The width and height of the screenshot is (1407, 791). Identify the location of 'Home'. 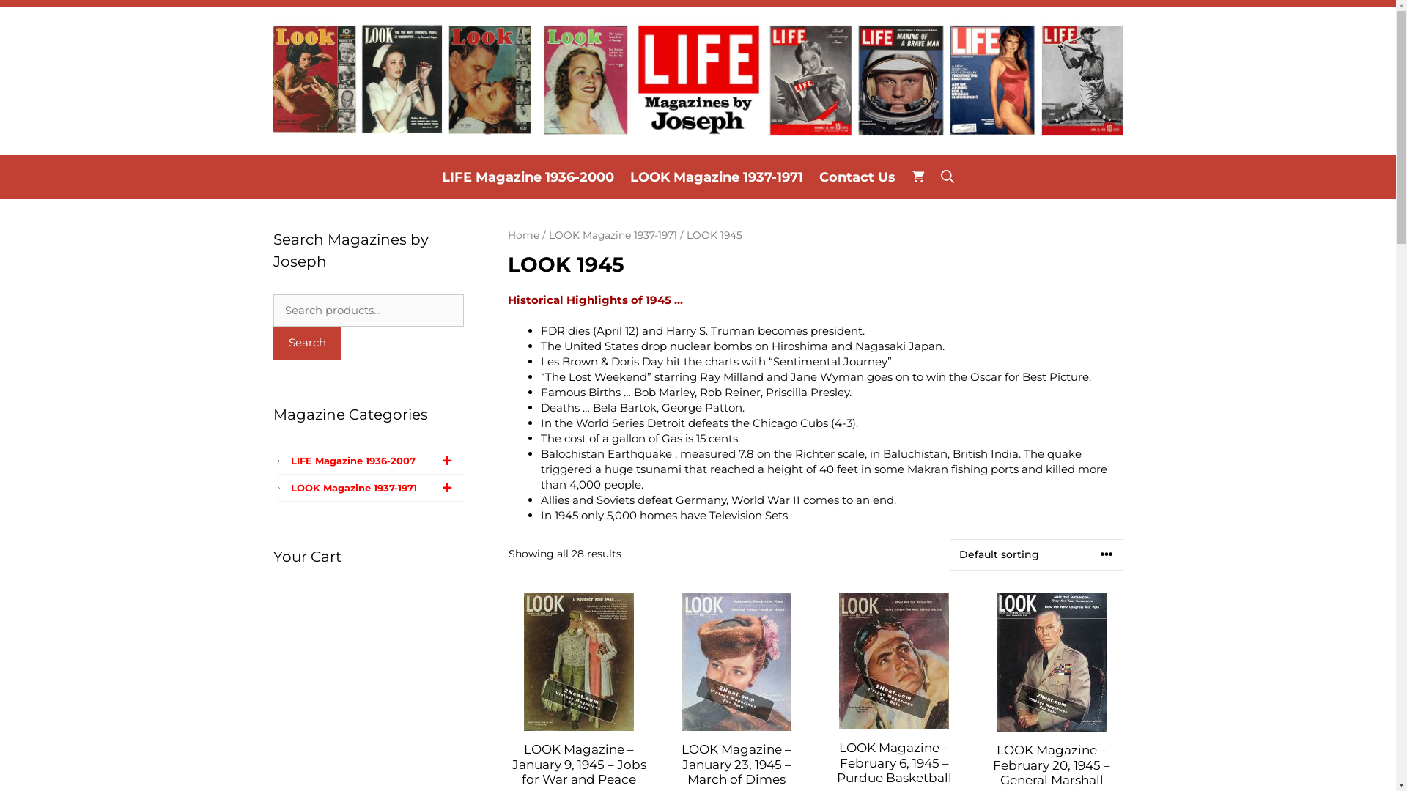
(506, 234).